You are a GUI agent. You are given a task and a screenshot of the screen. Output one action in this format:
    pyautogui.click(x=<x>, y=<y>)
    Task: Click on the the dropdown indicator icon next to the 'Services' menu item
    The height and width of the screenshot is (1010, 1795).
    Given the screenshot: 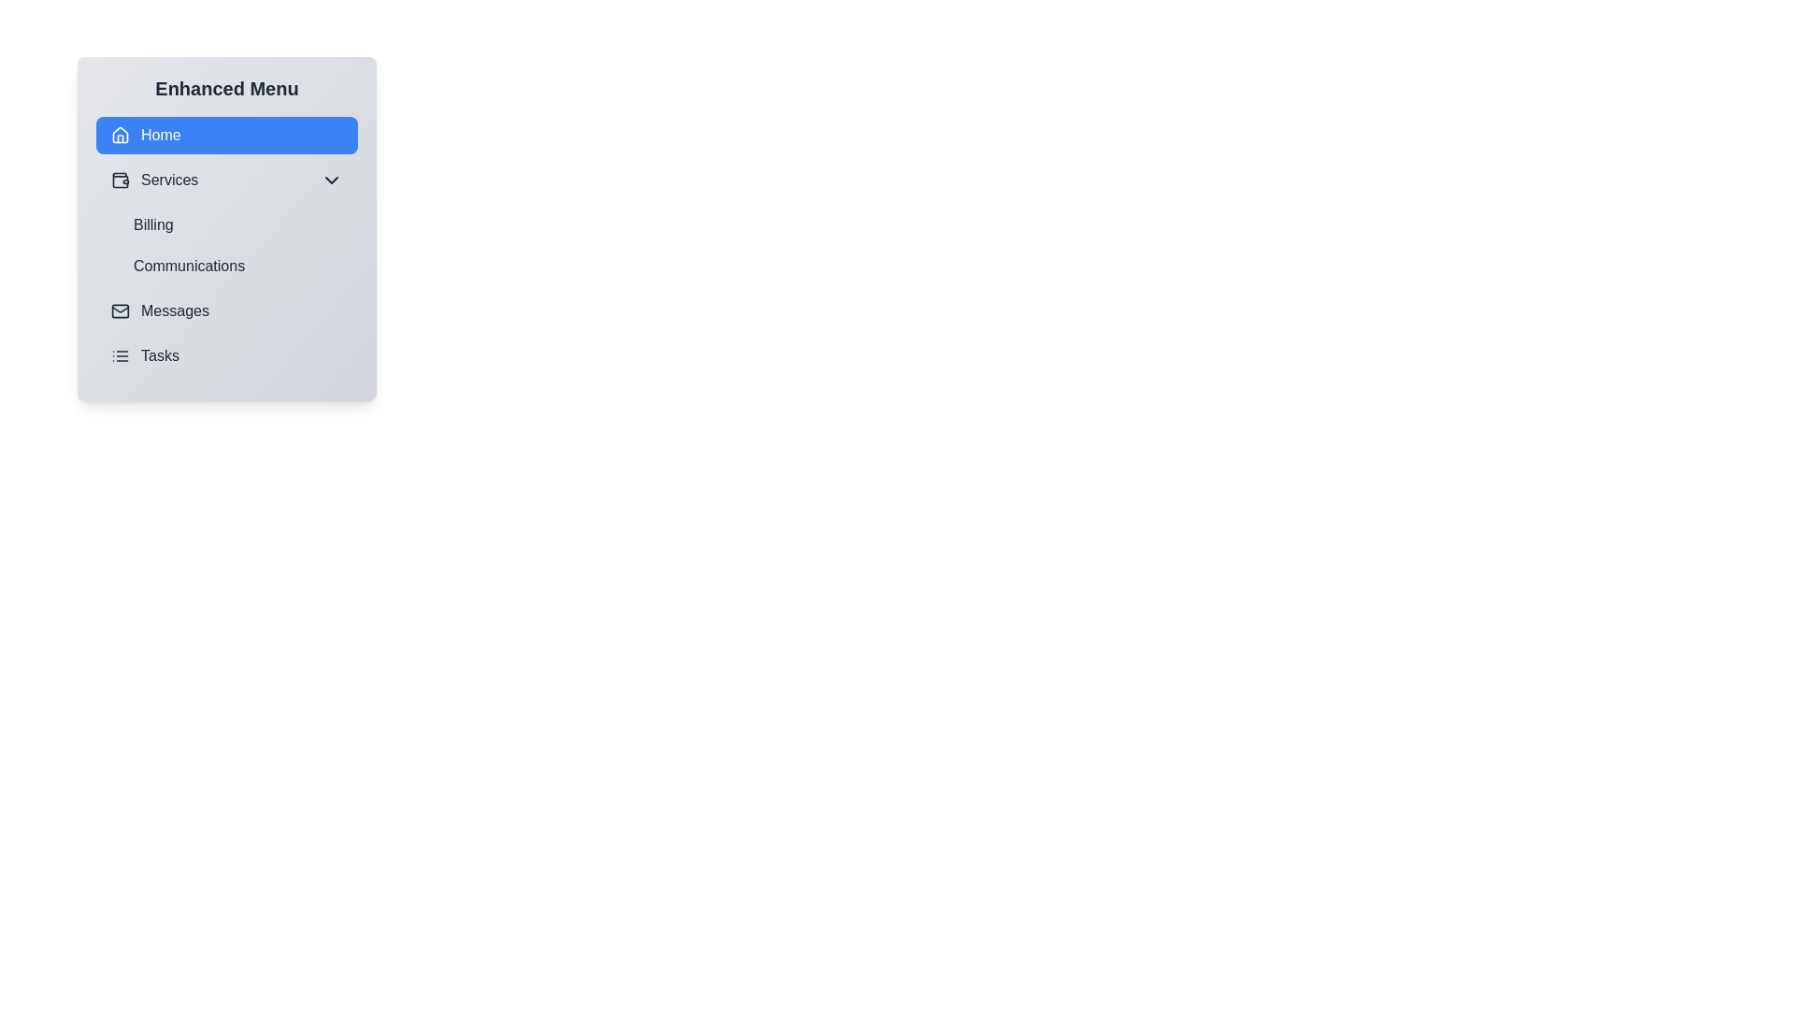 What is the action you would take?
    pyautogui.click(x=332, y=180)
    